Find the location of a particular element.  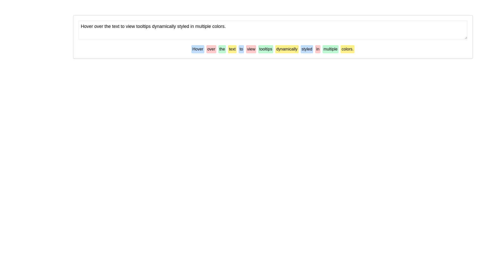

the text label reading 'Tooltip for dynamicallydynamically', which has a yellow background and rounded edges, positioned as the ninth item in a sequence of text items is located at coordinates (287, 49).